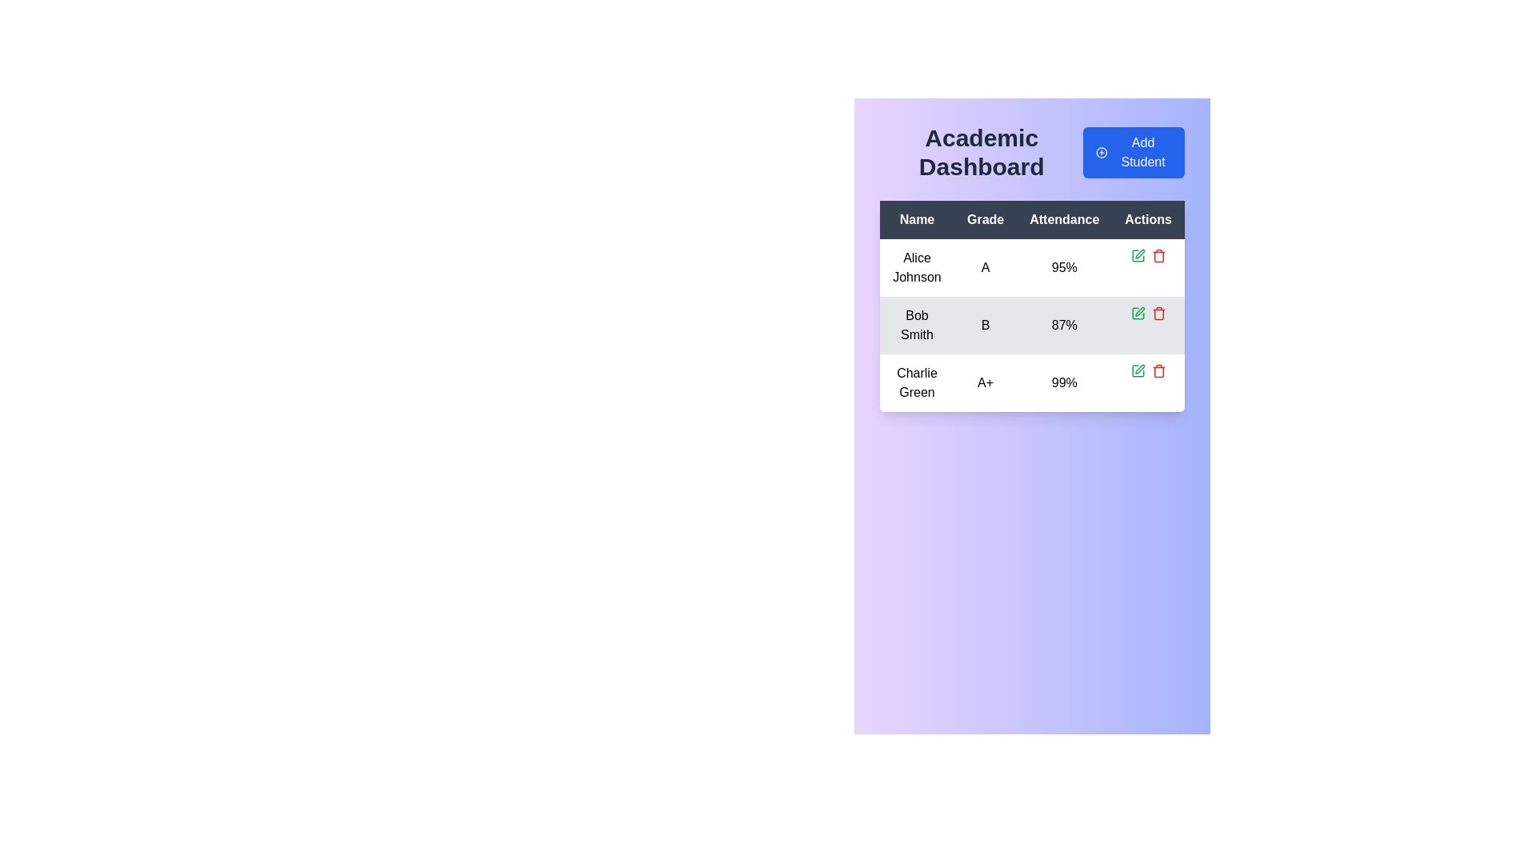  What do you see at coordinates (1064, 325) in the screenshot?
I see `the Text Label displaying '87%' associated with 'Bob Smith' in the Attendance column of the table` at bounding box center [1064, 325].